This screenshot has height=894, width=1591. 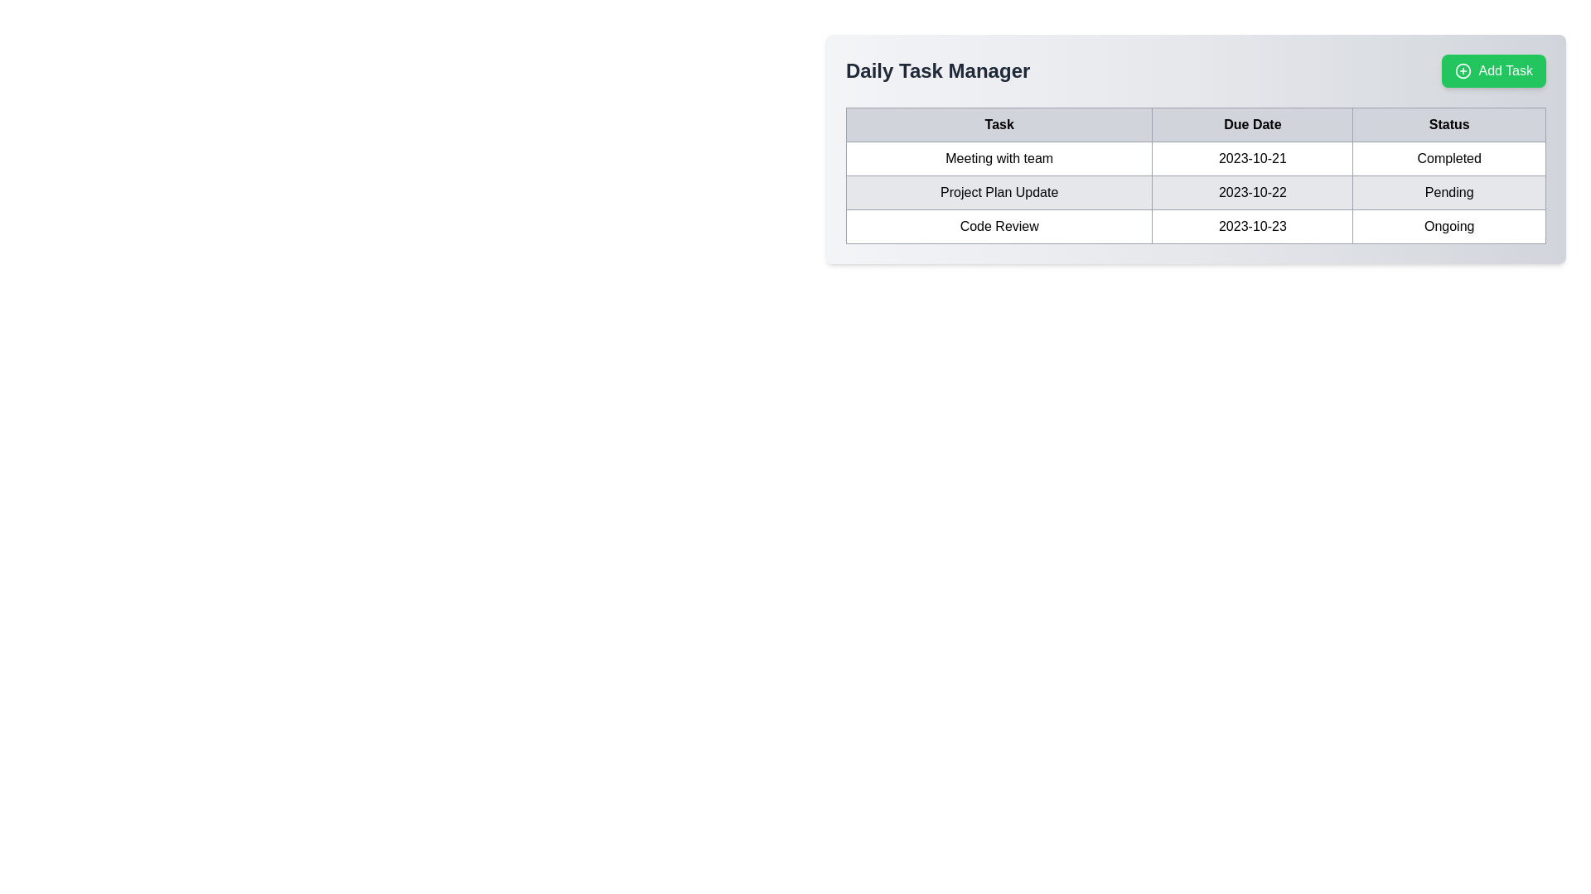 I want to click on the green button labeled 'Add Task', so click(x=1463, y=70).